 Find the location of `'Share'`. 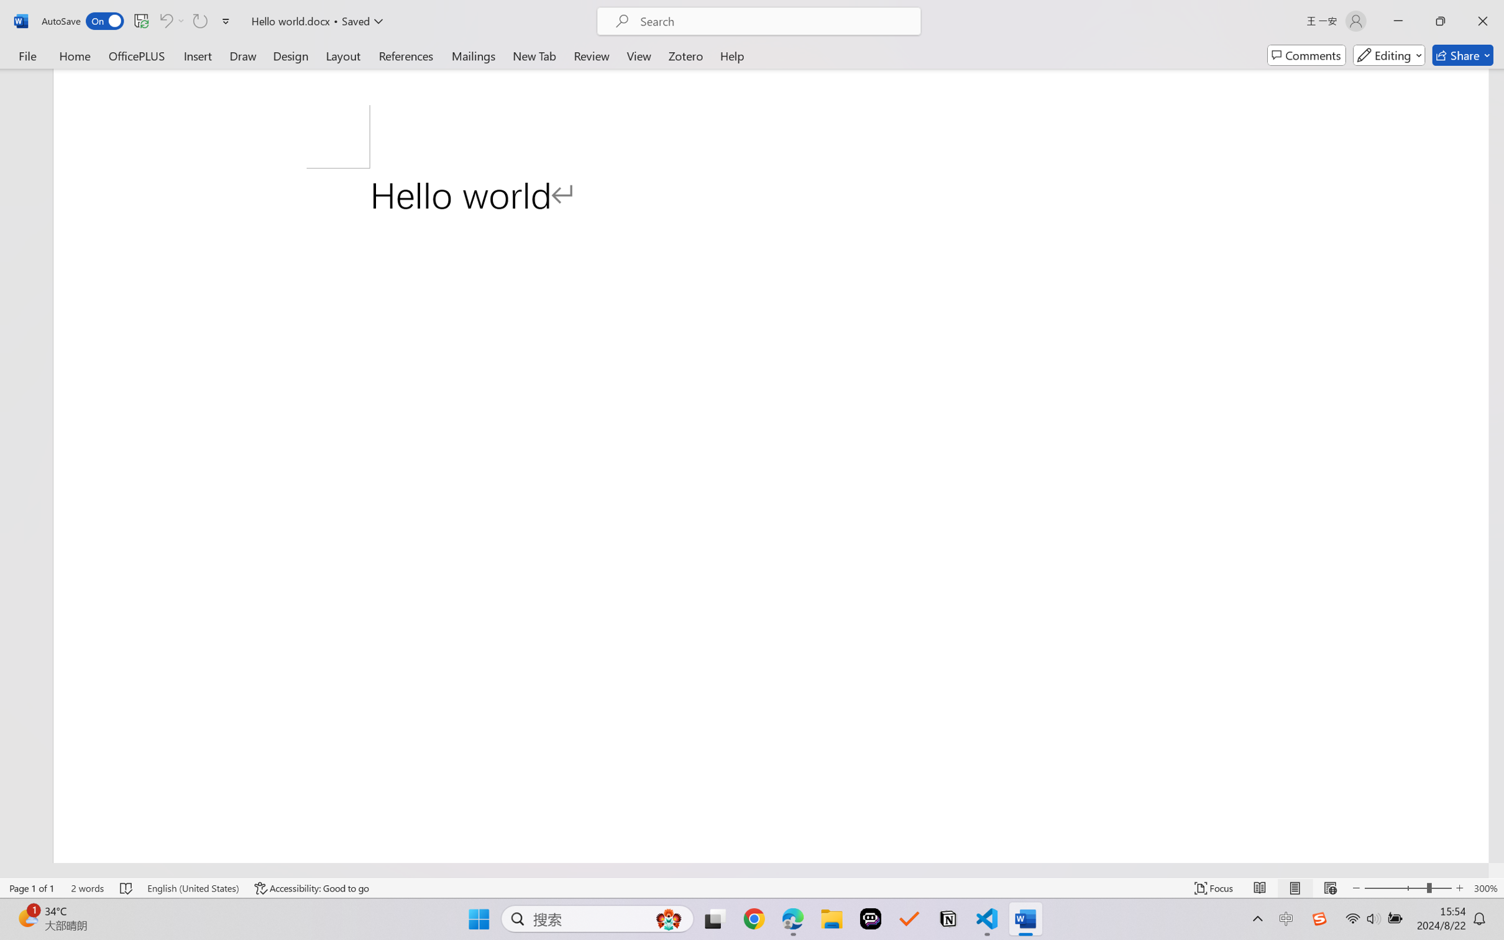

'Share' is located at coordinates (1462, 55).